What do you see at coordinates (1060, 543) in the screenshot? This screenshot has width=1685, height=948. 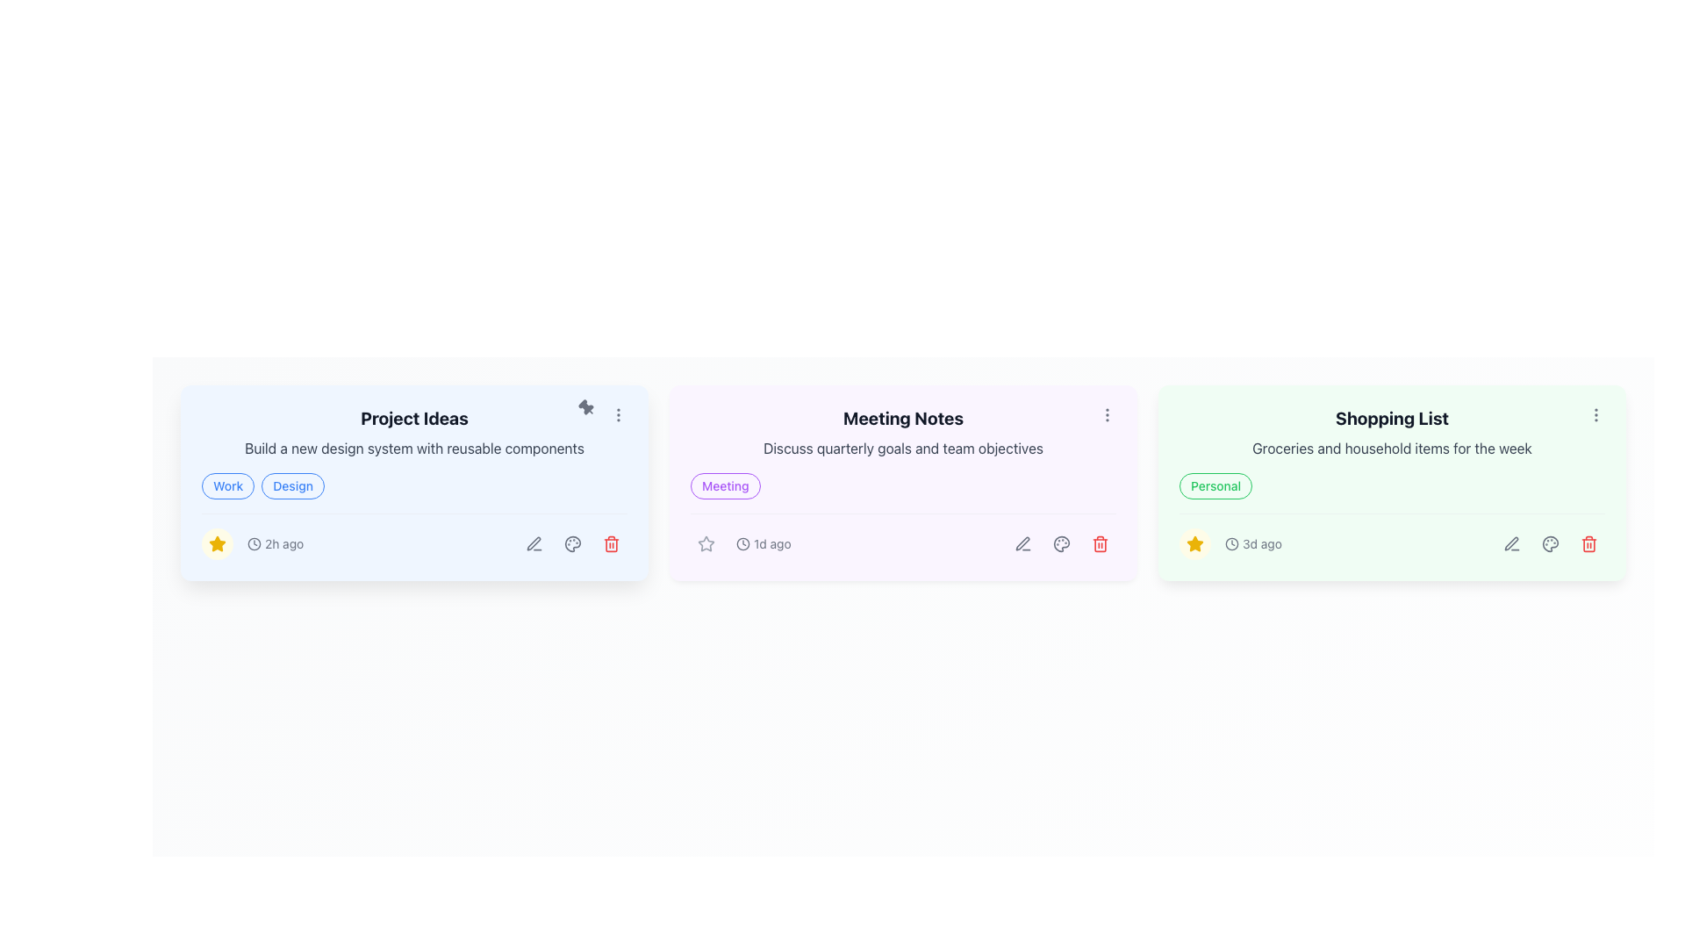 I see `the painter's palette icon within the 'Meeting Notes' card, which is the second card in a row of three cards labeled 'Project Ideas,' 'Meeting Notes,' and 'Shopping List.'` at bounding box center [1060, 543].